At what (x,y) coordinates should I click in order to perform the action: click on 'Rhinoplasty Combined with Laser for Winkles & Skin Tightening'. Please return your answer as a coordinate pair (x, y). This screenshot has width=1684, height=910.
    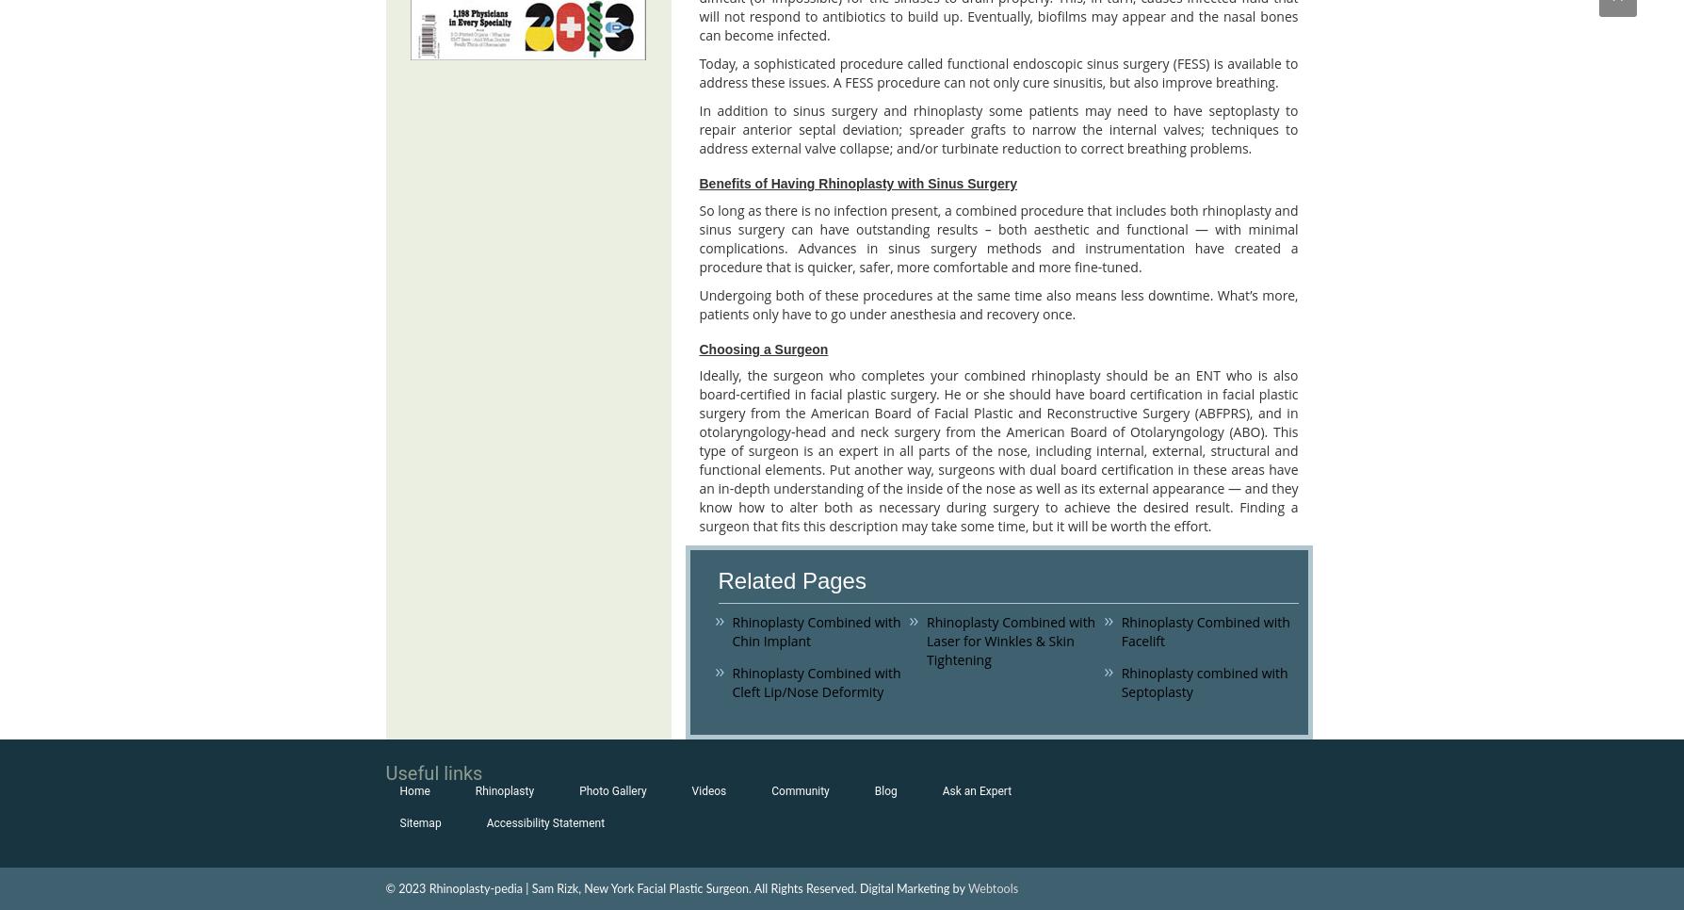
    Looking at the image, I should click on (1011, 640).